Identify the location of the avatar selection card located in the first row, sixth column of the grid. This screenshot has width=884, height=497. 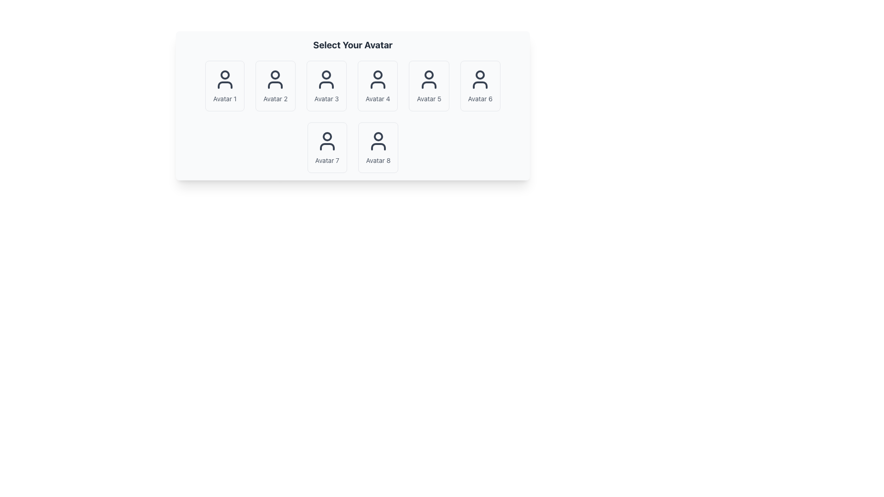
(480, 86).